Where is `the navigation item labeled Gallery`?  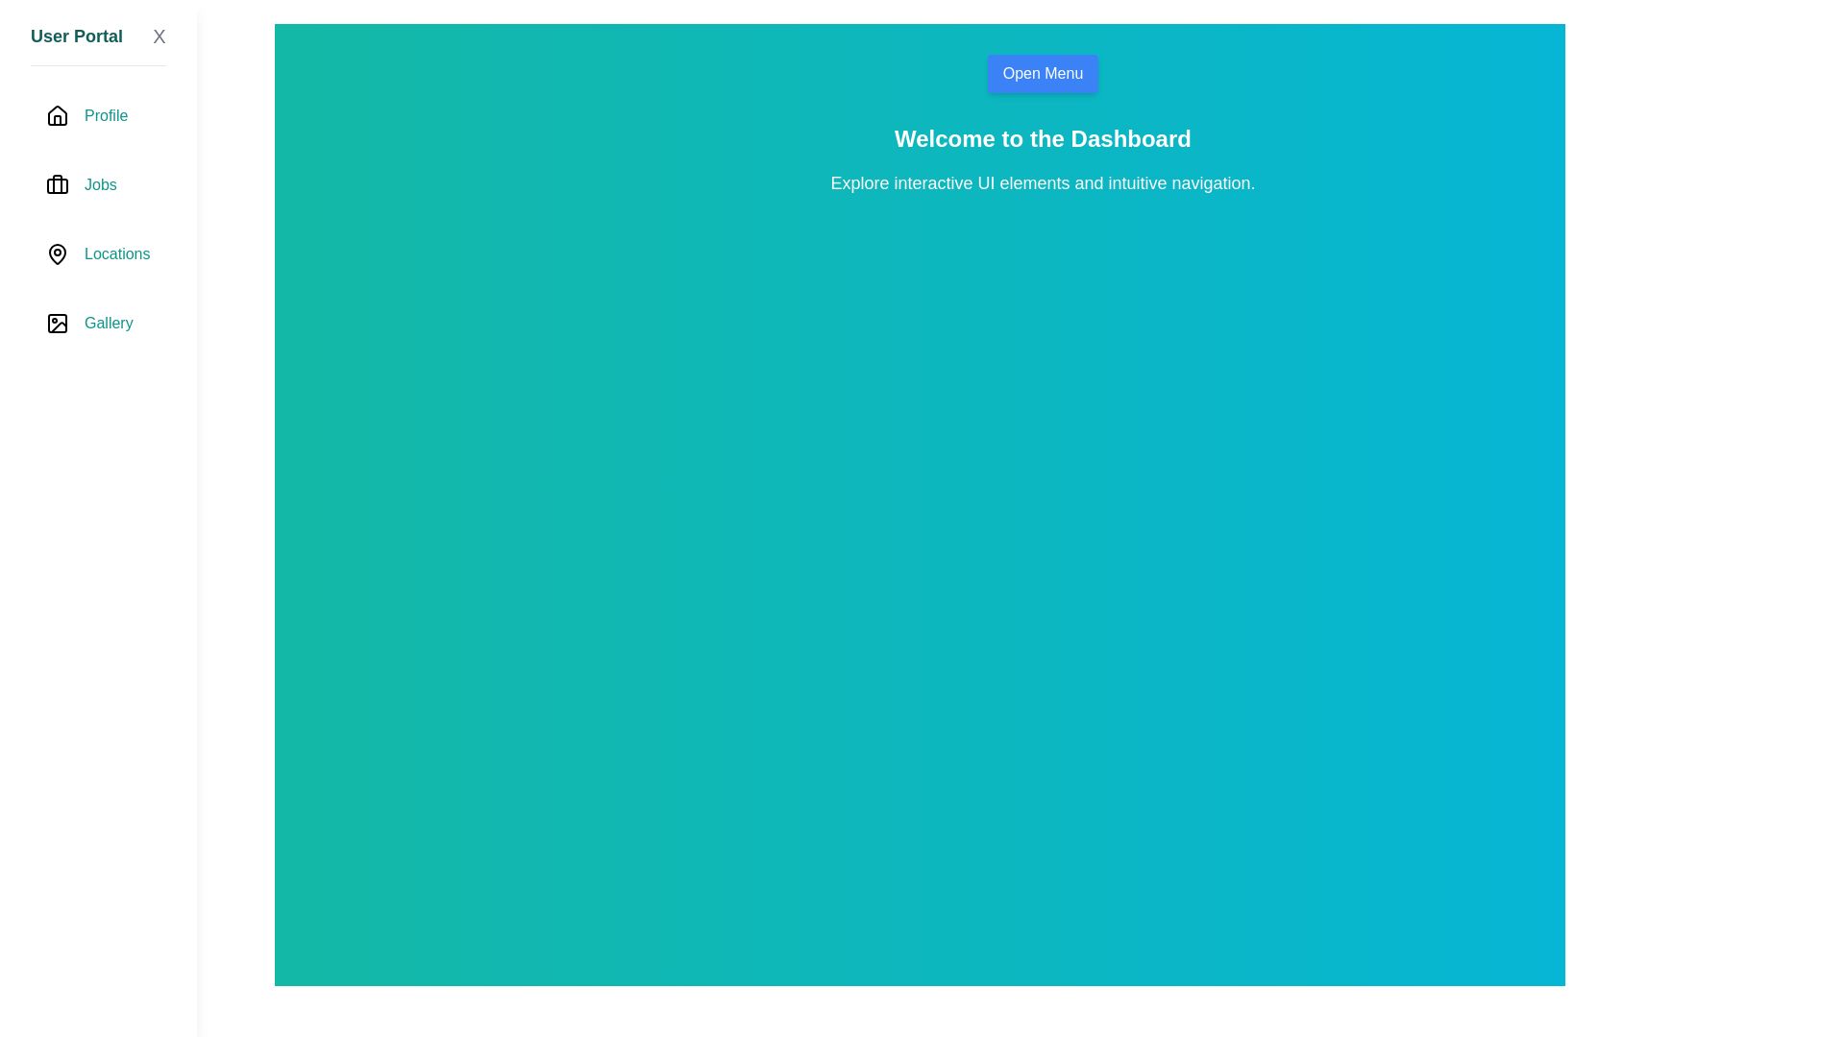 the navigation item labeled Gallery is located at coordinates (97, 322).